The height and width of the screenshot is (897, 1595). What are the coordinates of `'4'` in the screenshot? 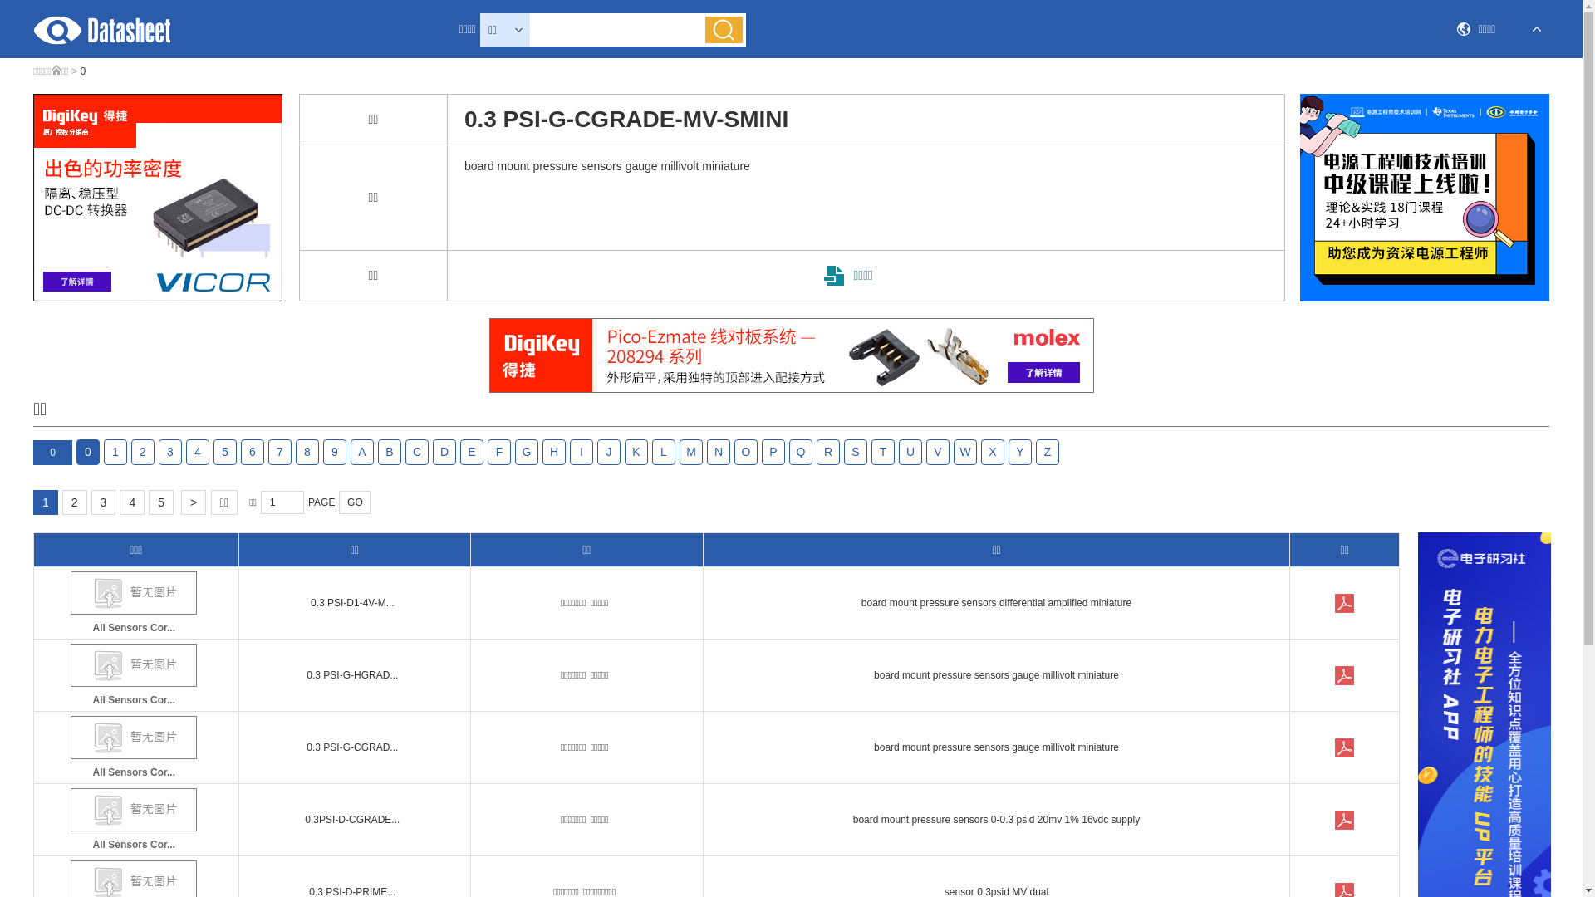 It's located at (130, 502).